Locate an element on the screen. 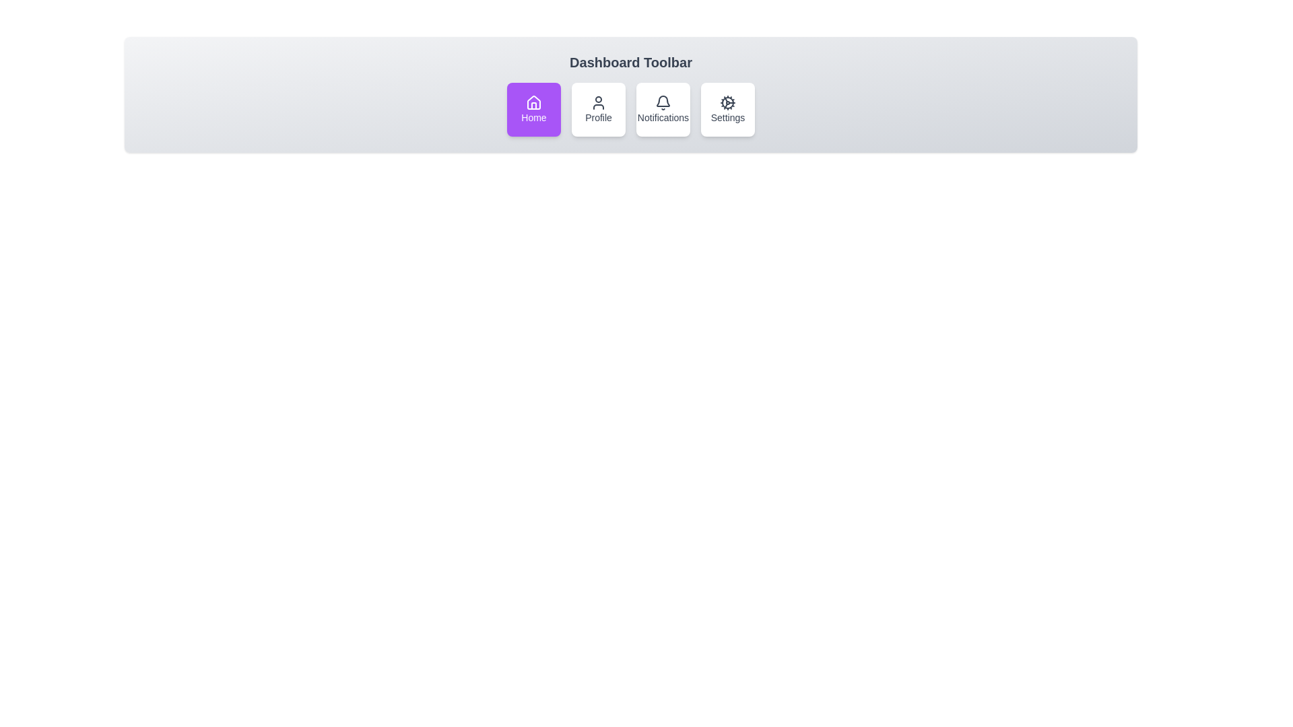  the toolbar item labeled Home is located at coordinates (533, 108).